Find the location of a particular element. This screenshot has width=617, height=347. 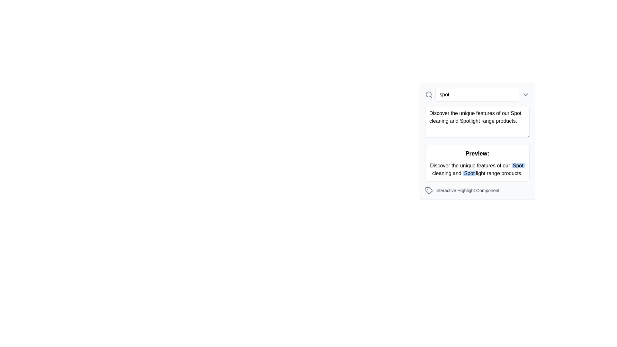

the highlighted text label displaying the word 'Spot' located in the lower content section labeled 'Preview:', emphasizing its light blue background and rounded corners is located at coordinates (518, 165).